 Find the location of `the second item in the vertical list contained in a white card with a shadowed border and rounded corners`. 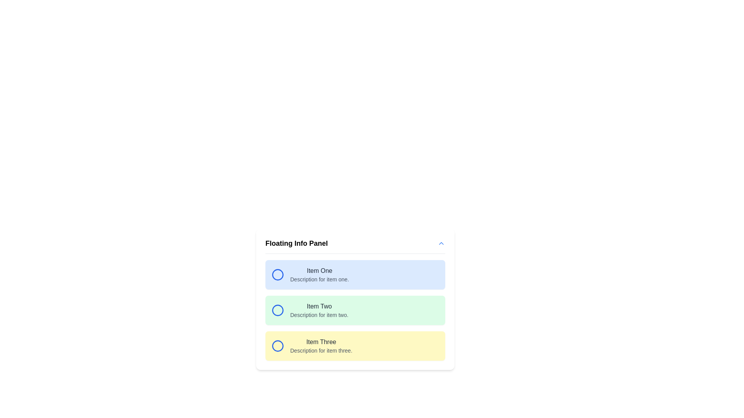

the second item in the vertical list contained in a white card with a shadowed border and rounded corners is located at coordinates (355, 310).